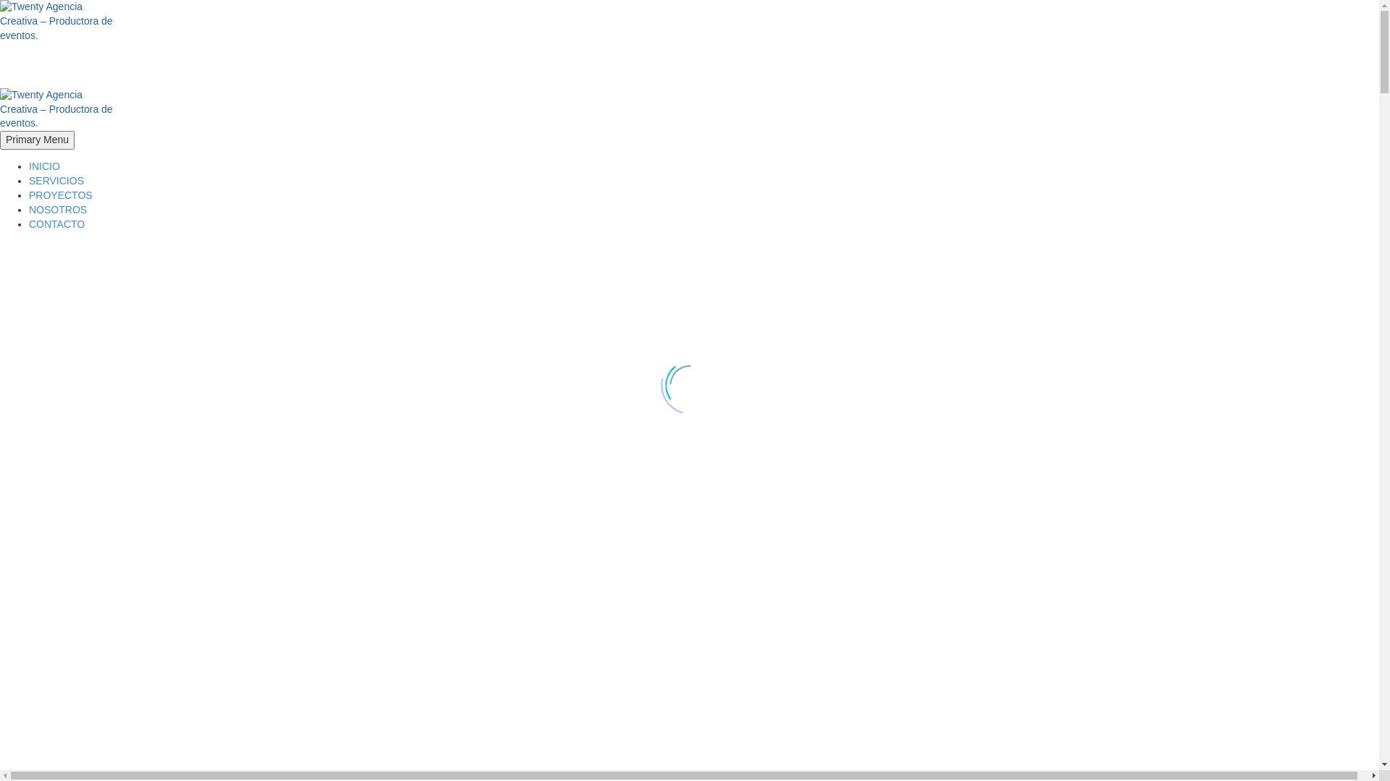  What do you see at coordinates (37, 140) in the screenshot?
I see `'Primary Menu'` at bounding box center [37, 140].